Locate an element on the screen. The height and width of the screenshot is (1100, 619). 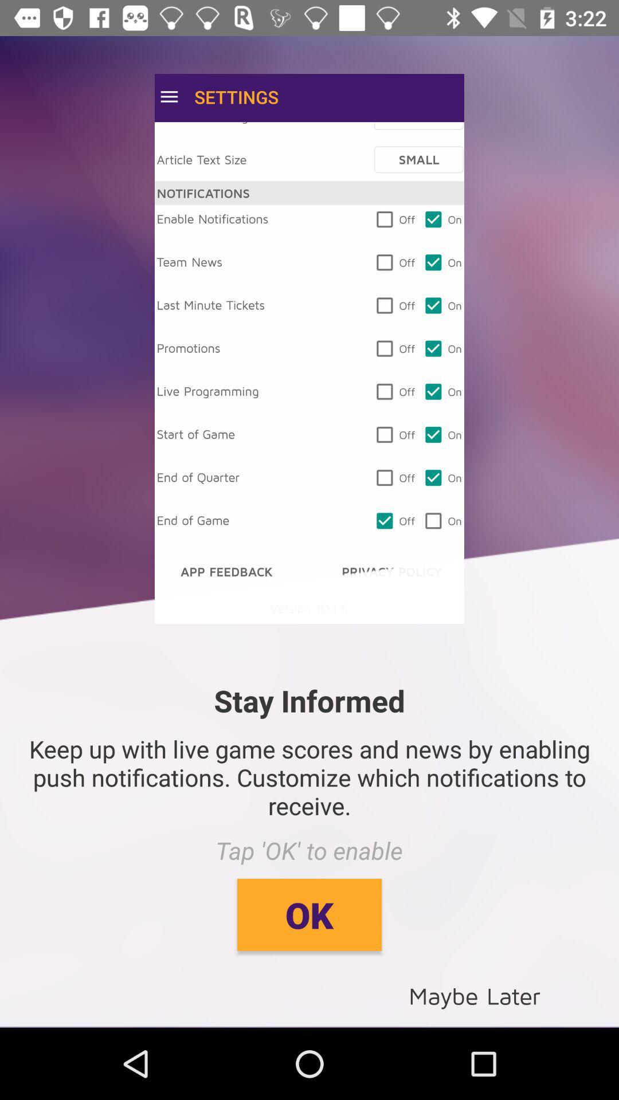
the maybe later is located at coordinates (475, 995).